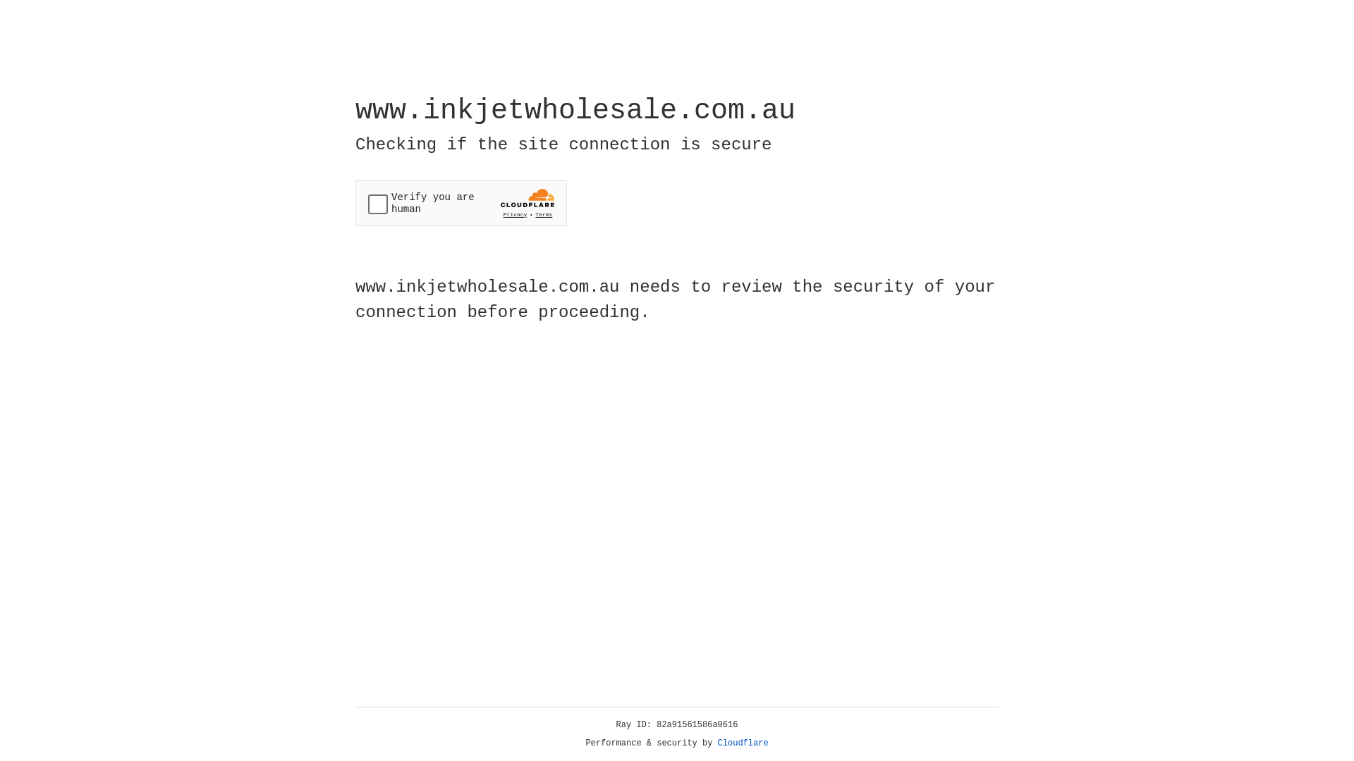 The height and width of the screenshot is (761, 1354). Describe the element at coordinates (743, 743) in the screenshot. I see `'Cloudflare'` at that location.